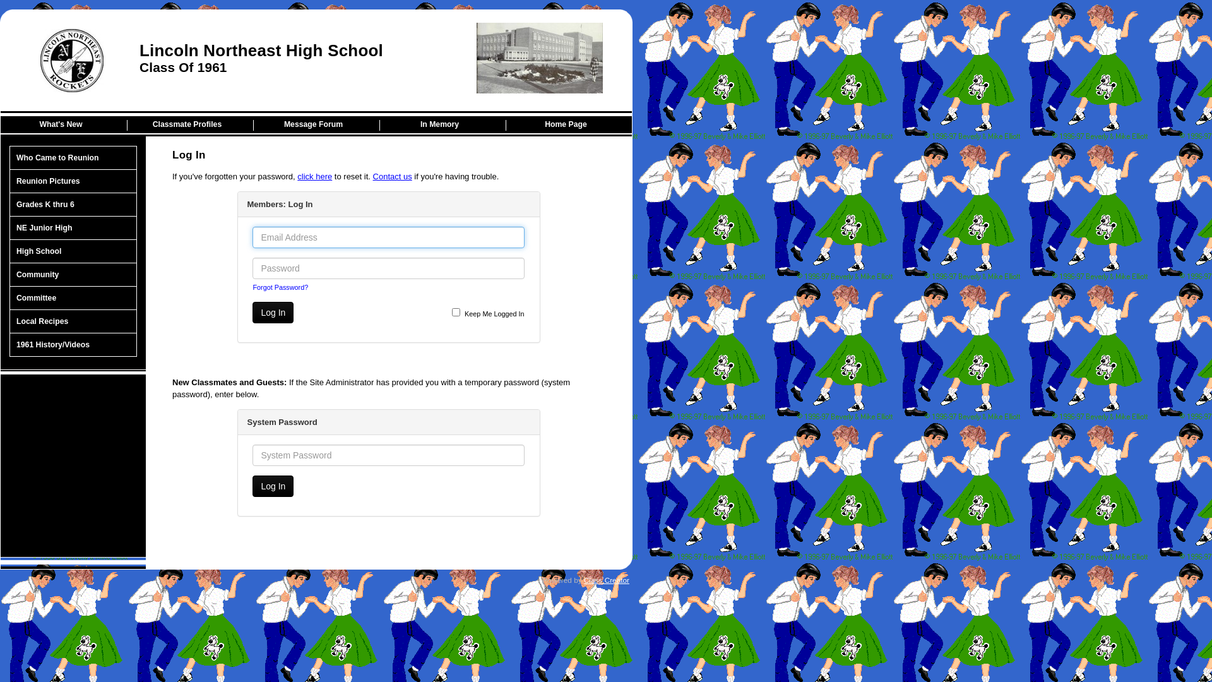  Describe the element at coordinates (568, 124) in the screenshot. I see `'Home Page'` at that location.